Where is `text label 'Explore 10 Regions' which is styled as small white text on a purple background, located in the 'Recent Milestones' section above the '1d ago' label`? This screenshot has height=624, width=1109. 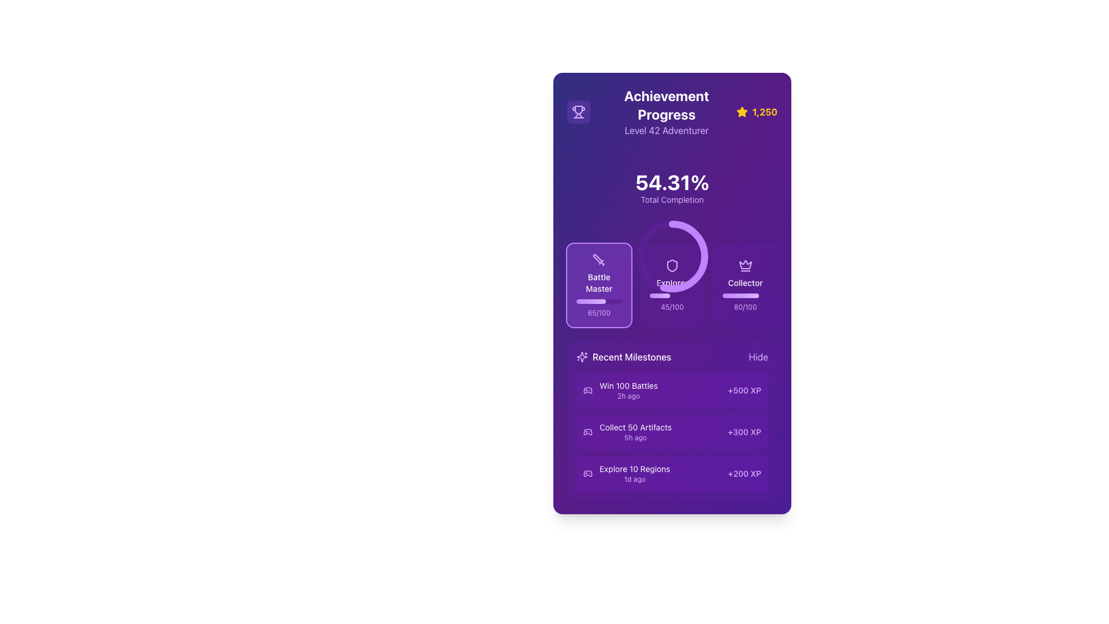 text label 'Explore 10 Regions' which is styled as small white text on a purple background, located in the 'Recent Milestones' section above the '1d ago' label is located at coordinates (634, 469).